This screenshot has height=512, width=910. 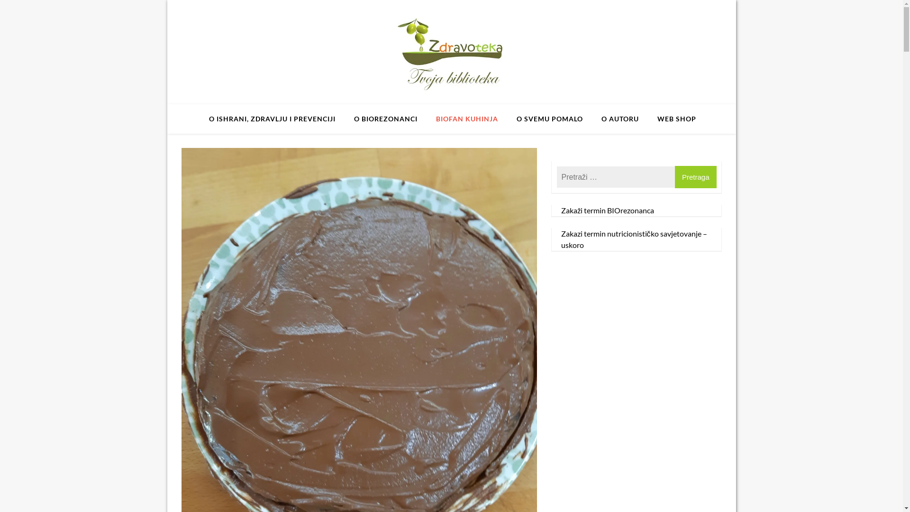 What do you see at coordinates (508, 118) in the screenshot?
I see `'O SVEMU POMALO'` at bounding box center [508, 118].